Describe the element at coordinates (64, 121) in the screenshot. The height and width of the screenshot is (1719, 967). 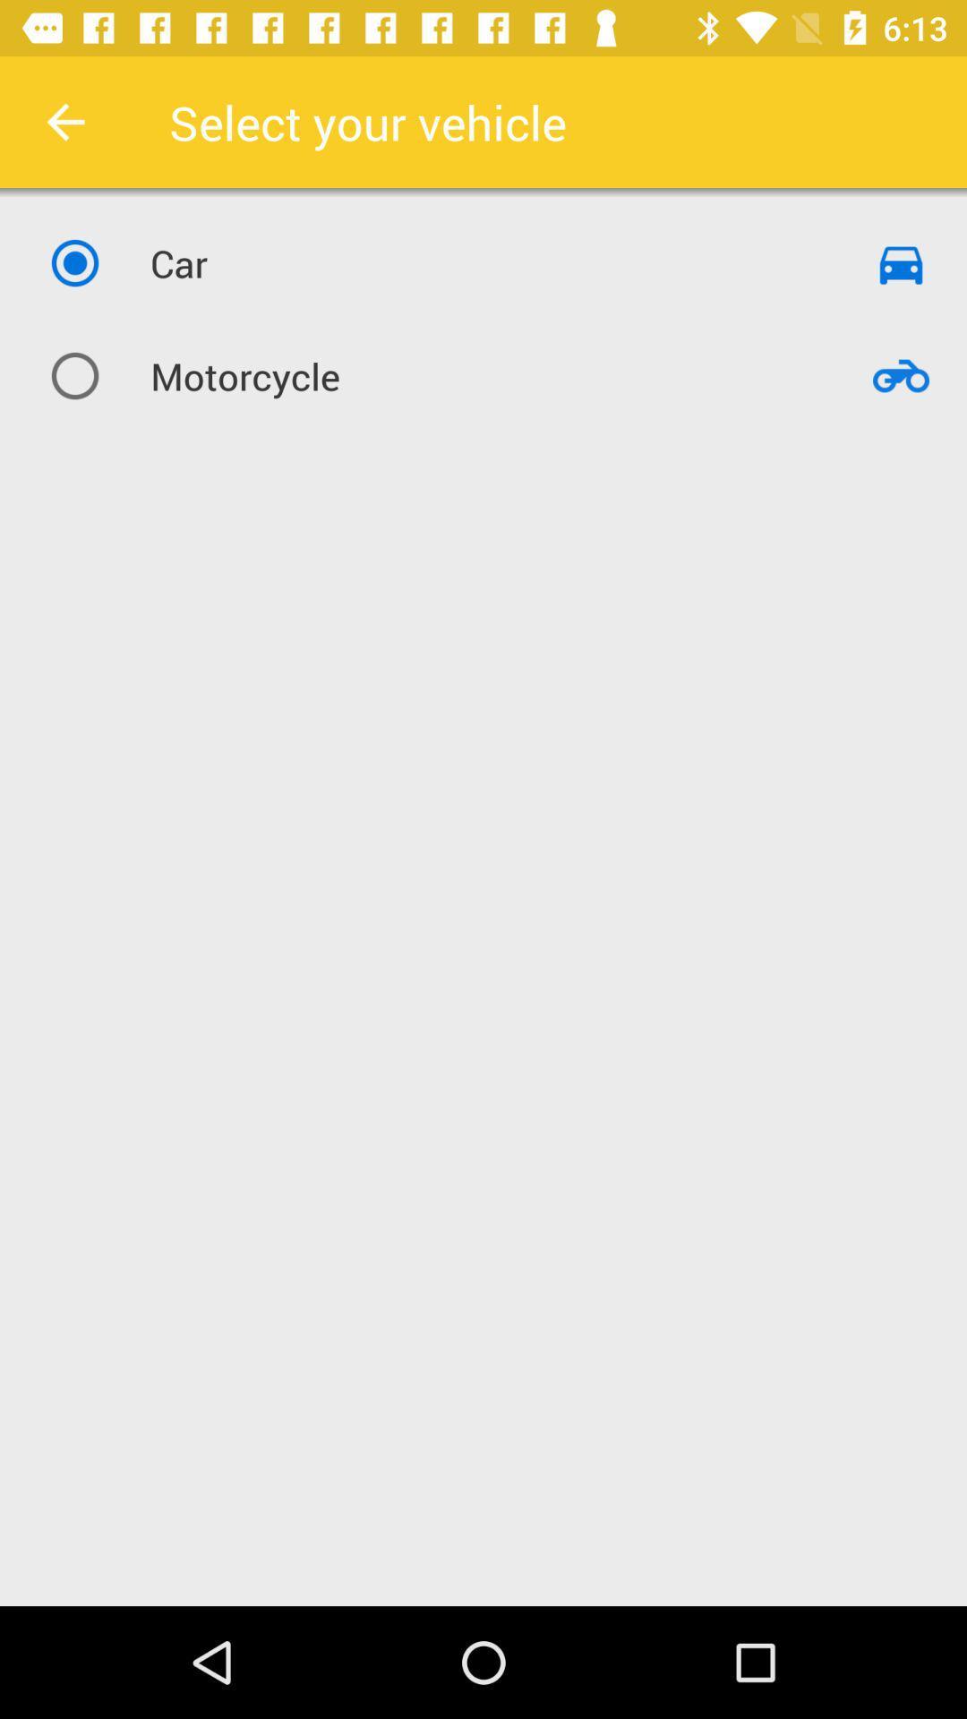
I see `the item to the left of the select your vehicle icon` at that location.